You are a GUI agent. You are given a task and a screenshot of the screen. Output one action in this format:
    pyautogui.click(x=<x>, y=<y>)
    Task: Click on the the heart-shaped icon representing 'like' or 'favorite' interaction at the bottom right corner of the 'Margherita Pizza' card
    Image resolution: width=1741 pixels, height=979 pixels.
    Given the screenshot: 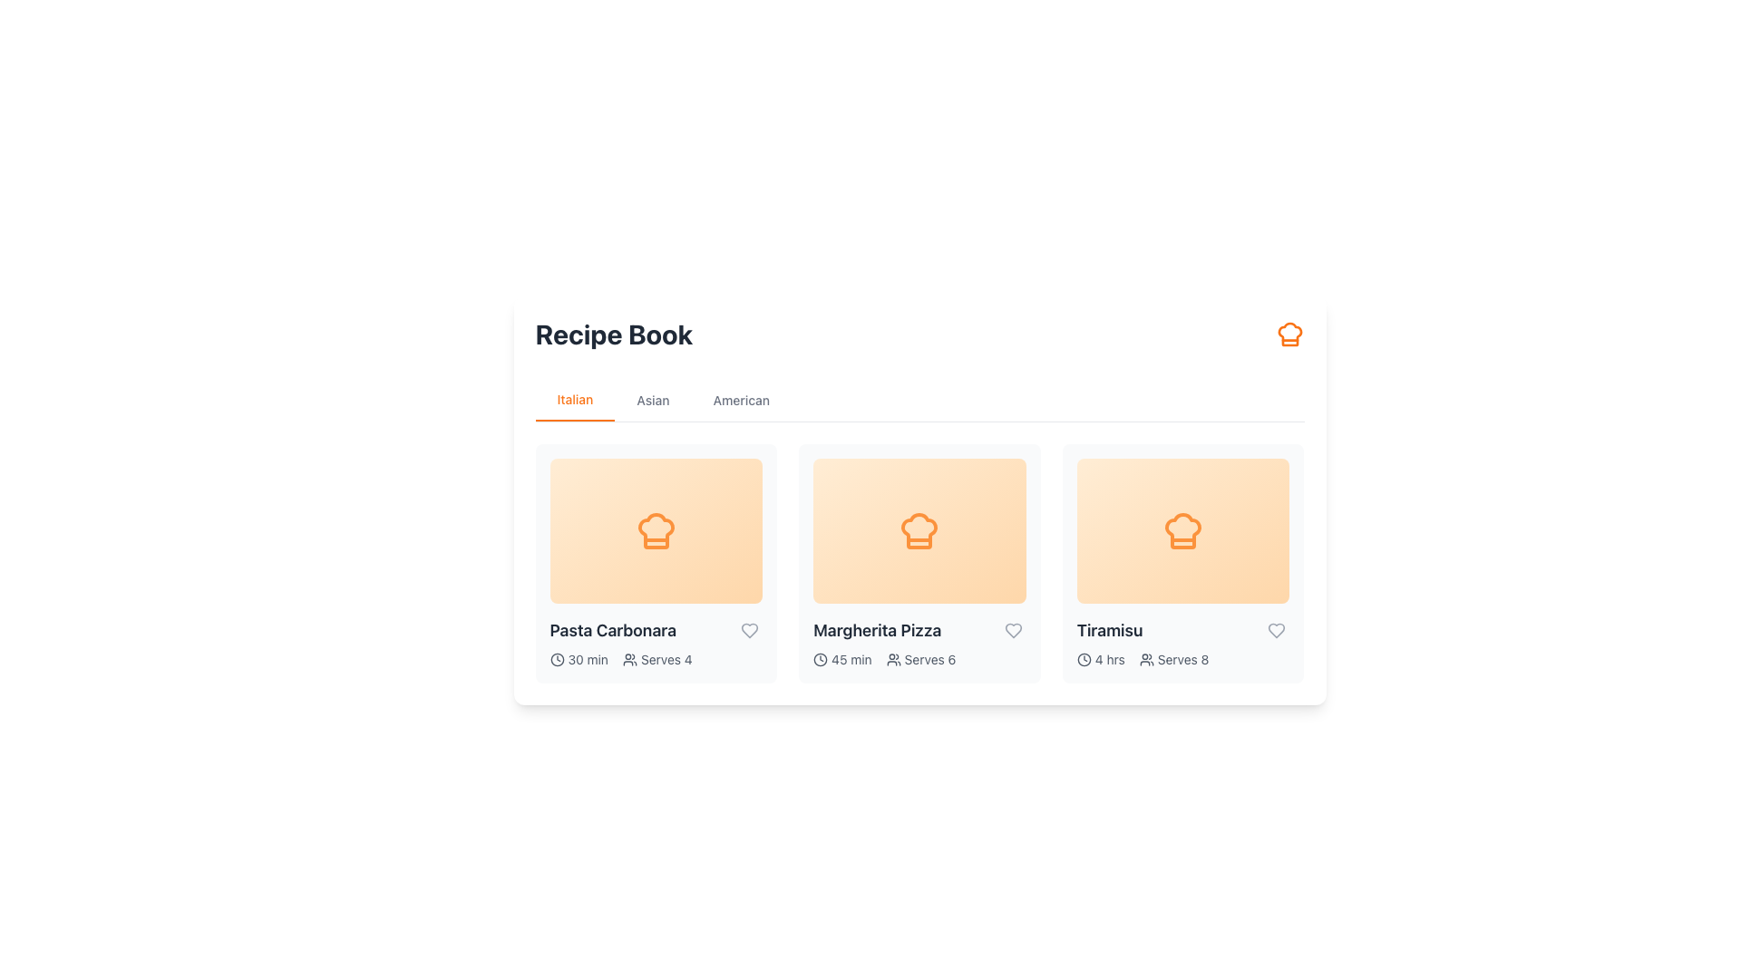 What is the action you would take?
    pyautogui.click(x=1012, y=629)
    